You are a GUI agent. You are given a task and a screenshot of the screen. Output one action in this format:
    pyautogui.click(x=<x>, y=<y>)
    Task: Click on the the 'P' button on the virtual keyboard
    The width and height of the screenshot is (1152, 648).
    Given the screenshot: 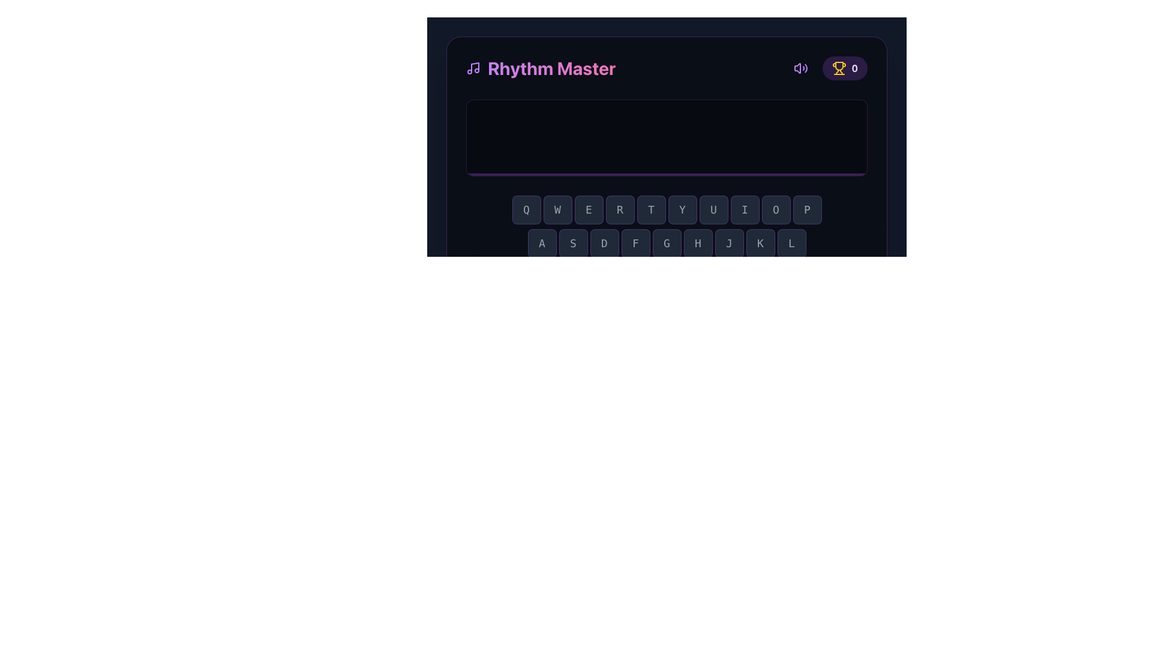 What is the action you would take?
    pyautogui.click(x=807, y=209)
    